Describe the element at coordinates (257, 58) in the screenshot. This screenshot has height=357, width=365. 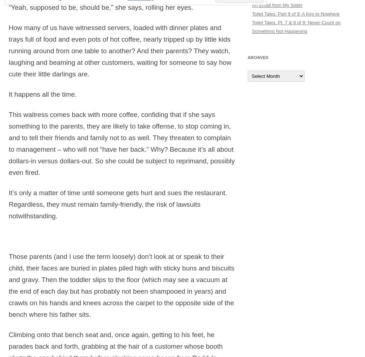
I see `'Archives'` at that location.